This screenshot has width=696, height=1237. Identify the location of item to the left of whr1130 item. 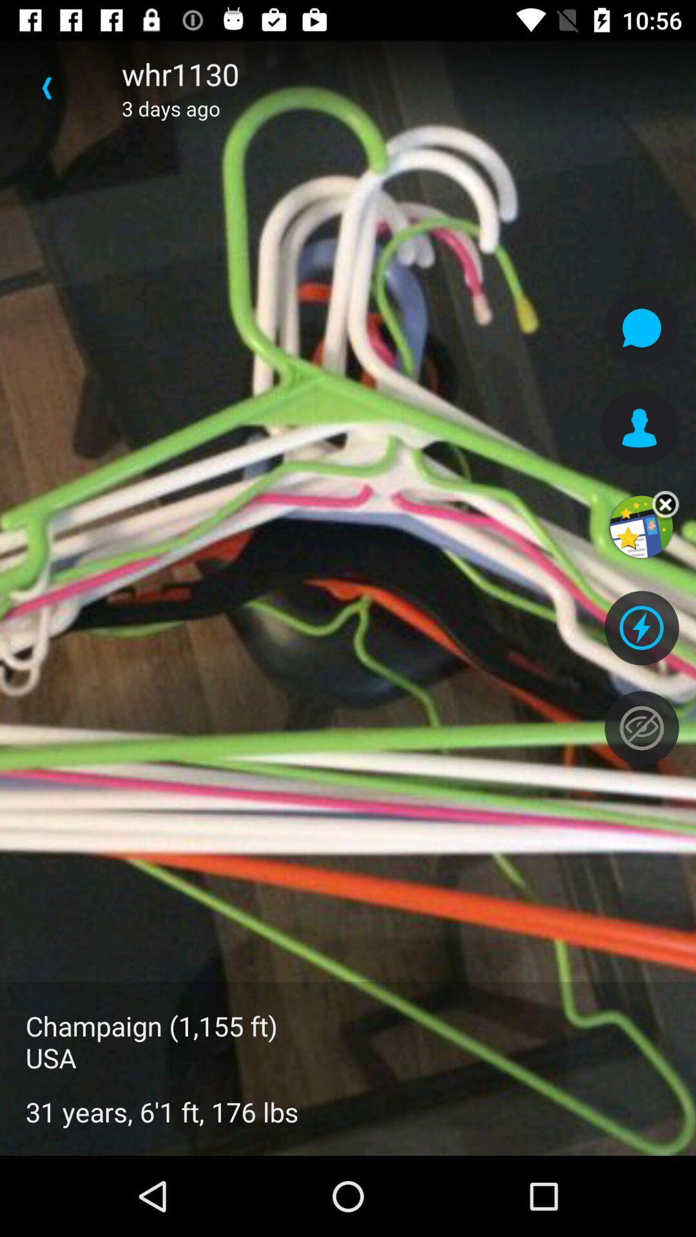
(46, 87).